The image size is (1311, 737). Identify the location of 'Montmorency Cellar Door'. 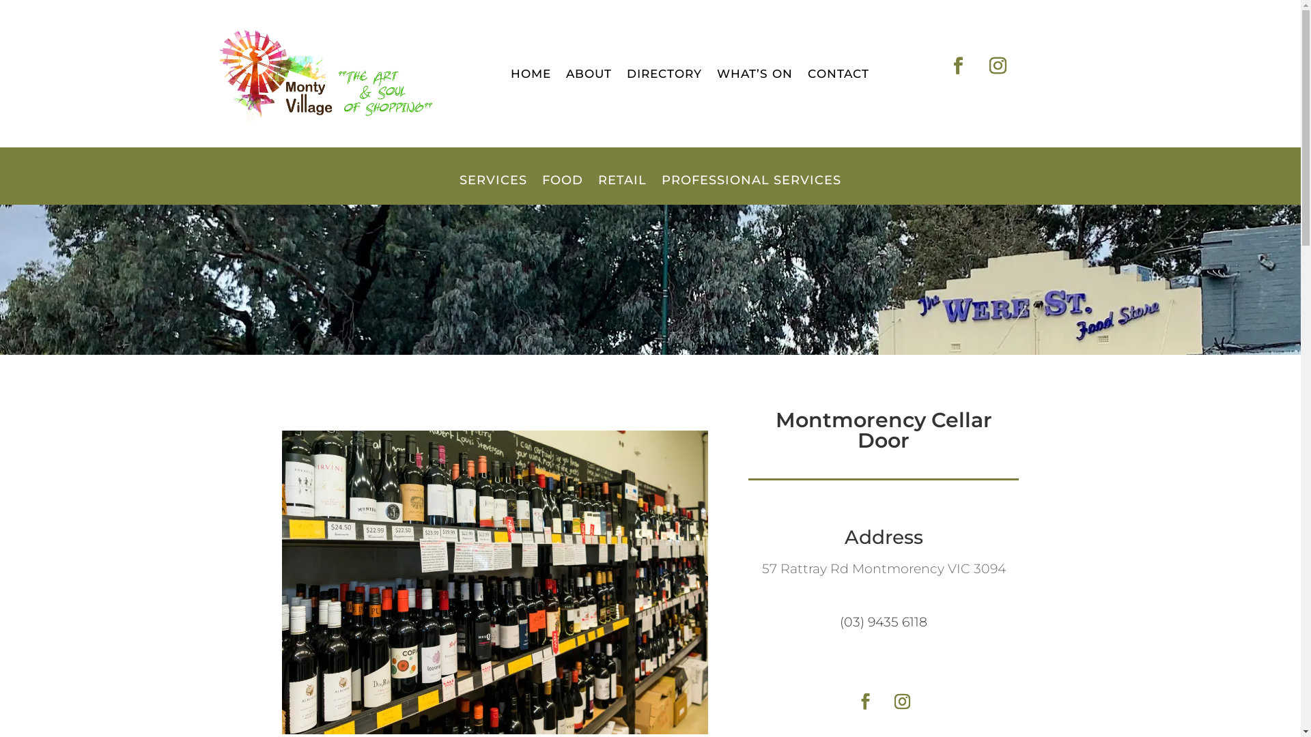
(494, 582).